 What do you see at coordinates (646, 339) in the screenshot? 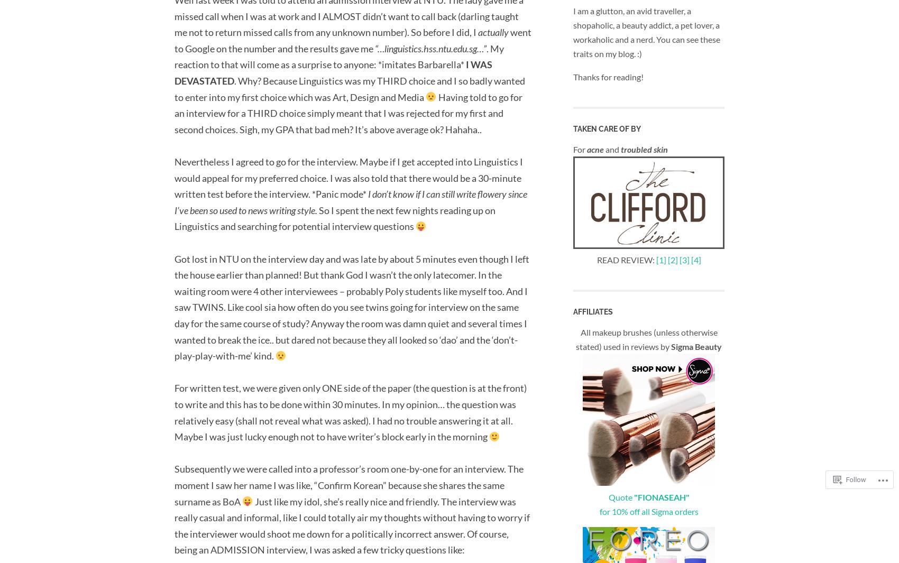
I see `'All makeup brushes (unless otherwise stated) used in reviews by'` at bounding box center [646, 339].